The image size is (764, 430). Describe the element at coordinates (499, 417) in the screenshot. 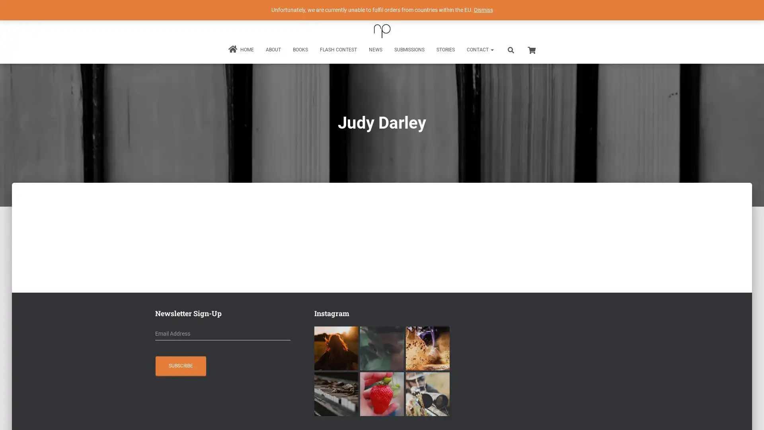

I see `Accept` at that location.